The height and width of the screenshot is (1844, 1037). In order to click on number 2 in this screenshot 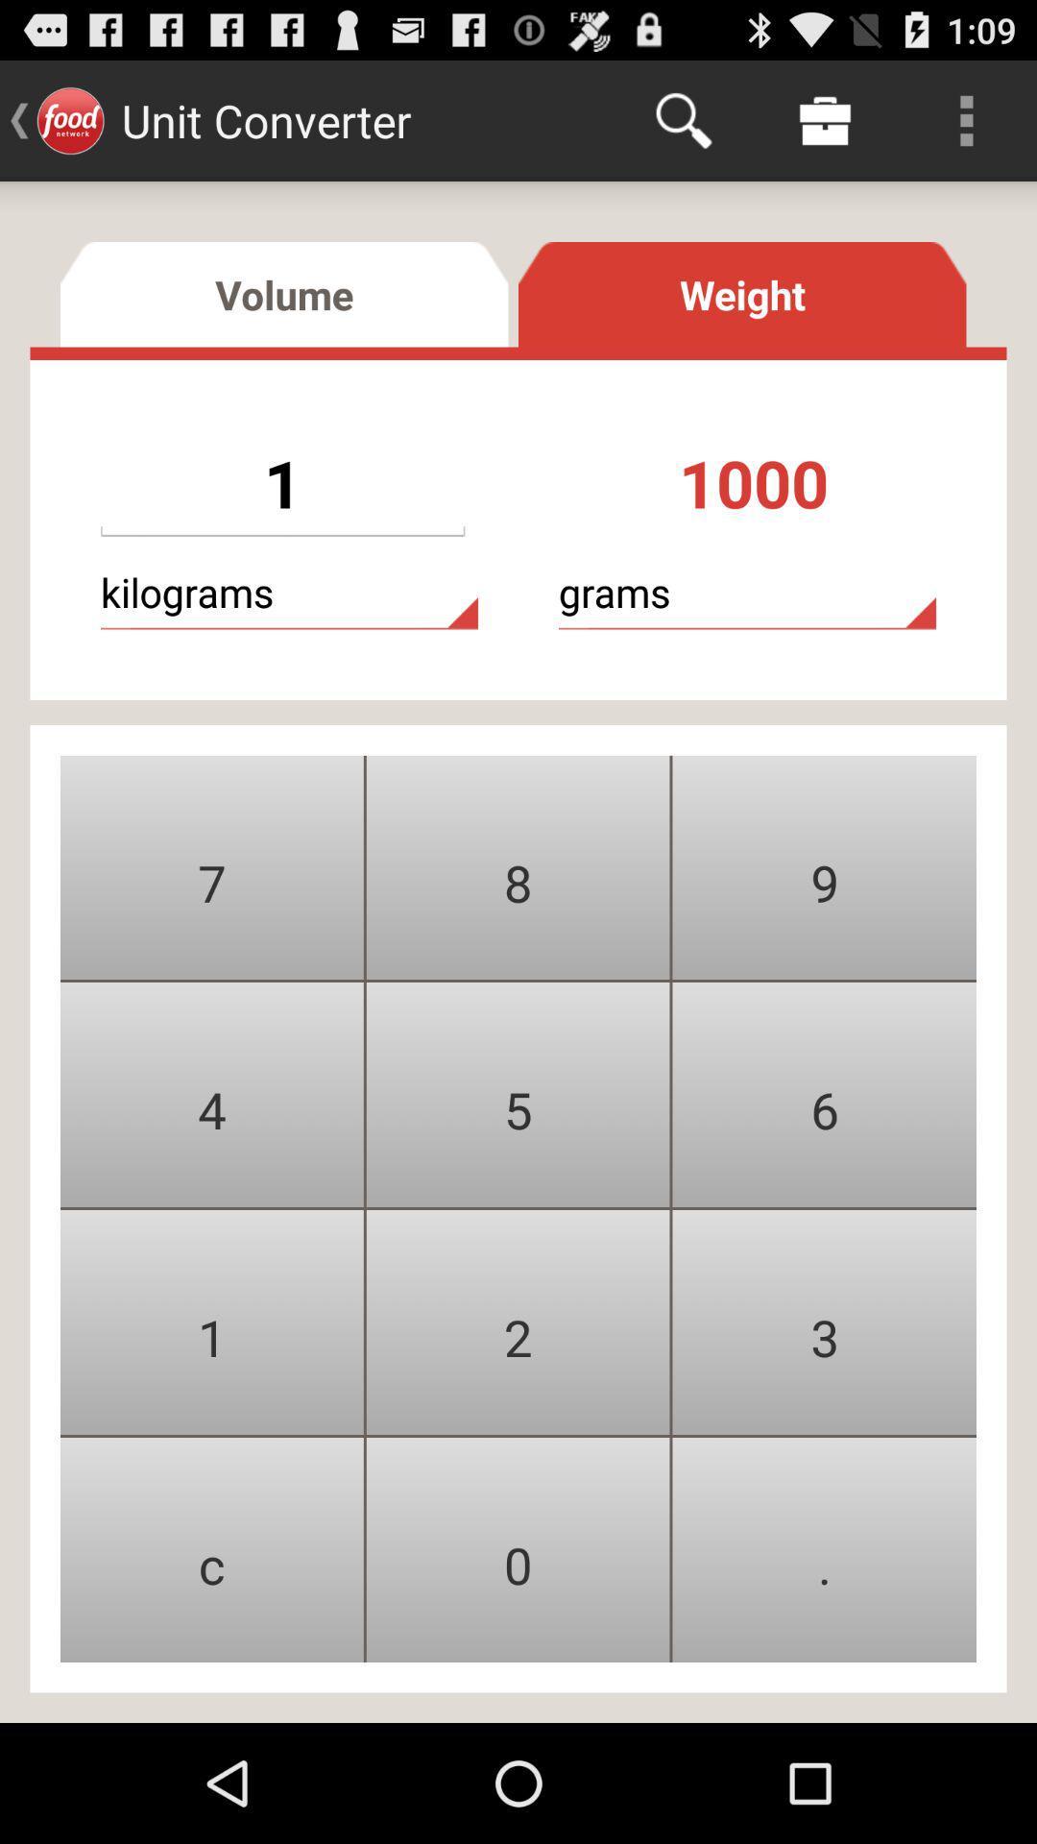, I will do `click(518, 1322)`.